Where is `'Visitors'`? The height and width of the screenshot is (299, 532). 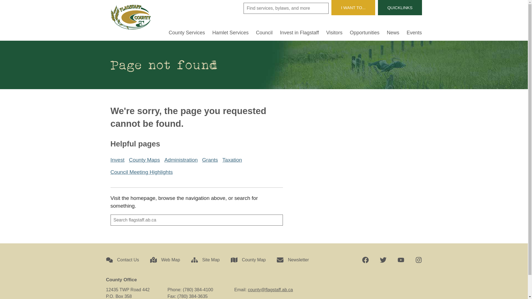
'Visitors' is located at coordinates (334, 34).